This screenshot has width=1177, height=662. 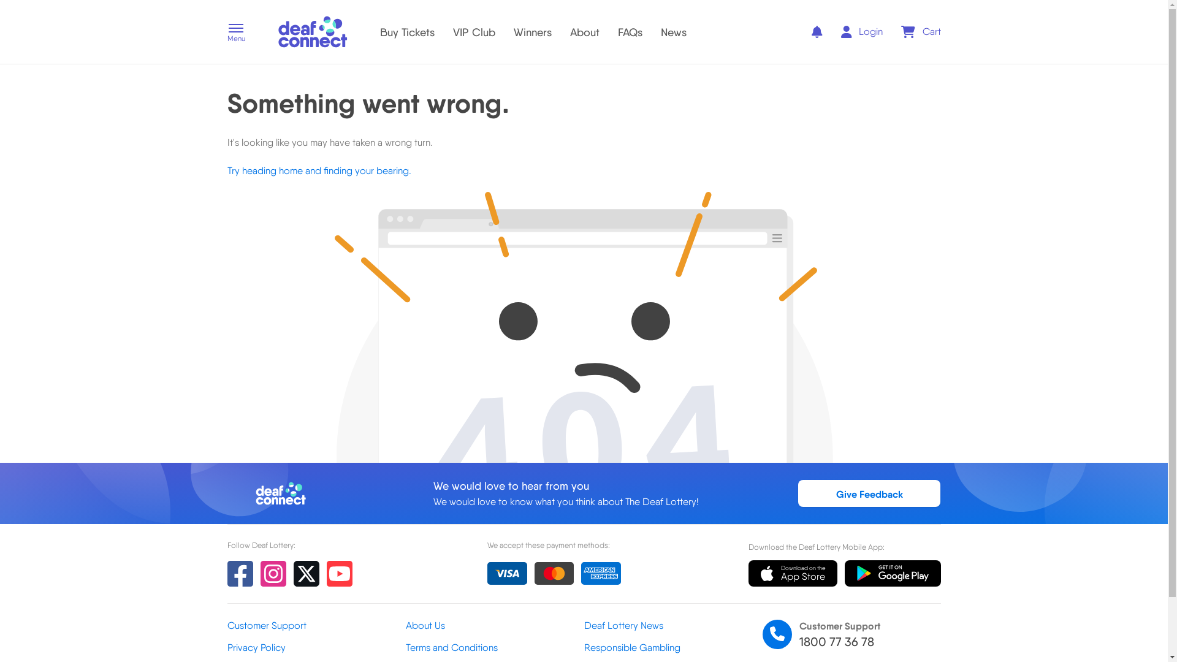 What do you see at coordinates (316, 647) in the screenshot?
I see `'Privacy Policy'` at bounding box center [316, 647].